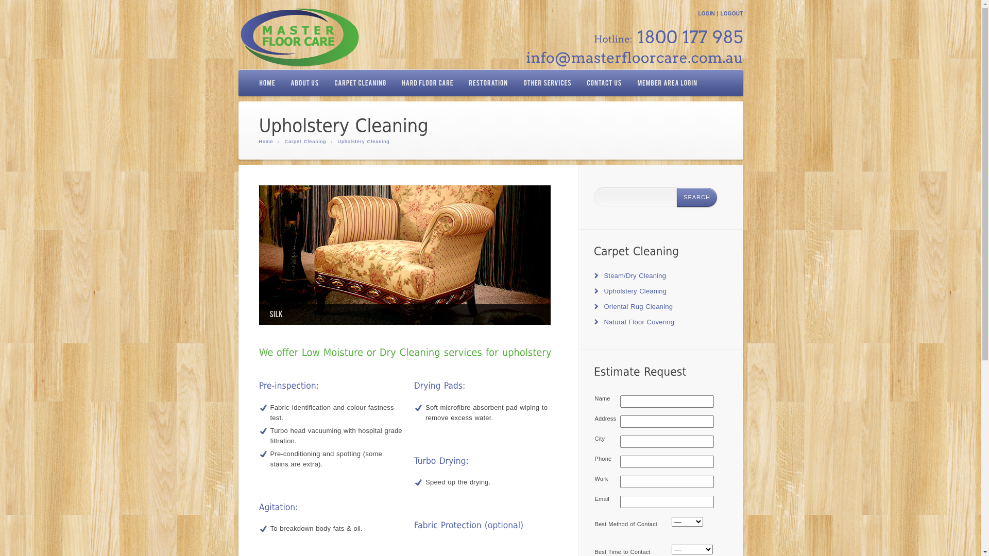 The image size is (989, 556). I want to click on 'Upholstery Cleaning', so click(635, 291).